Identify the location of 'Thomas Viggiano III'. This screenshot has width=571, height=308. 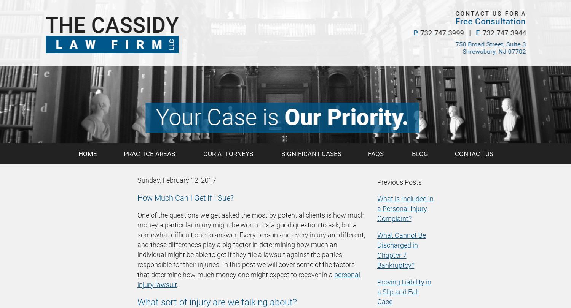
(77, 26).